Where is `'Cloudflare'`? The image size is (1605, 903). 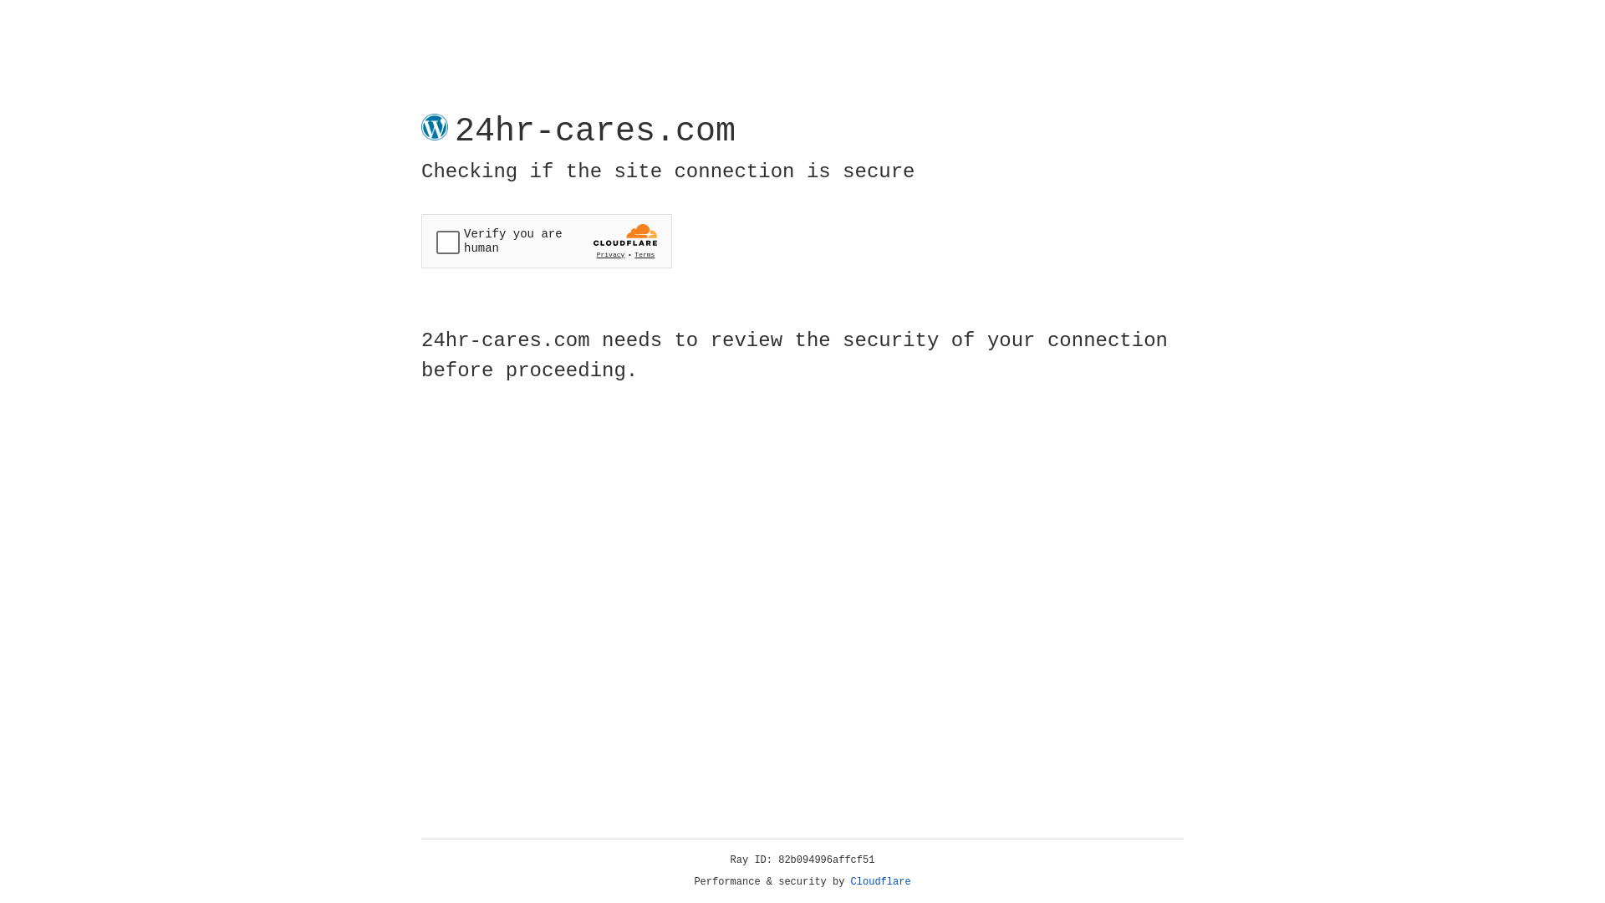
'Cloudflare' is located at coordinates (880, 881).